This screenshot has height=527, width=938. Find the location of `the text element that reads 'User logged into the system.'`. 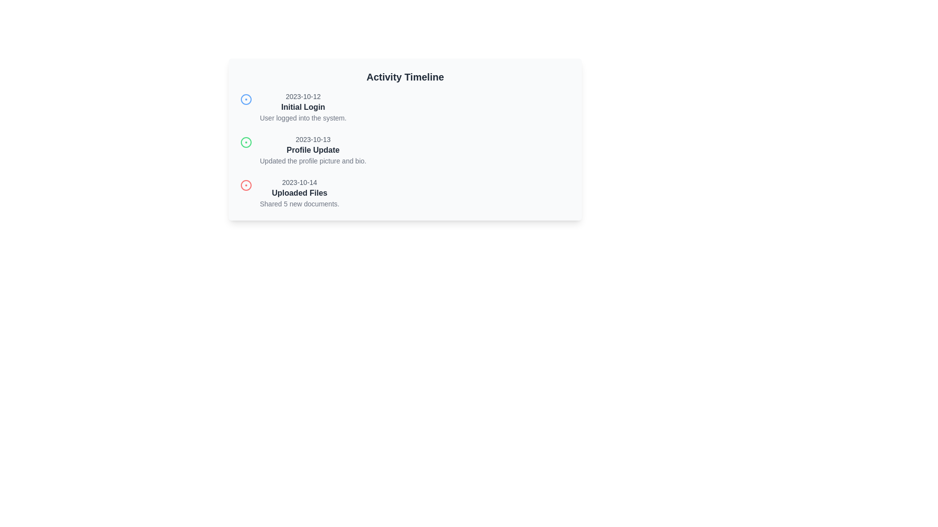

the text element that reads 'User logged into the system.' is located at coordinates (302, 118).